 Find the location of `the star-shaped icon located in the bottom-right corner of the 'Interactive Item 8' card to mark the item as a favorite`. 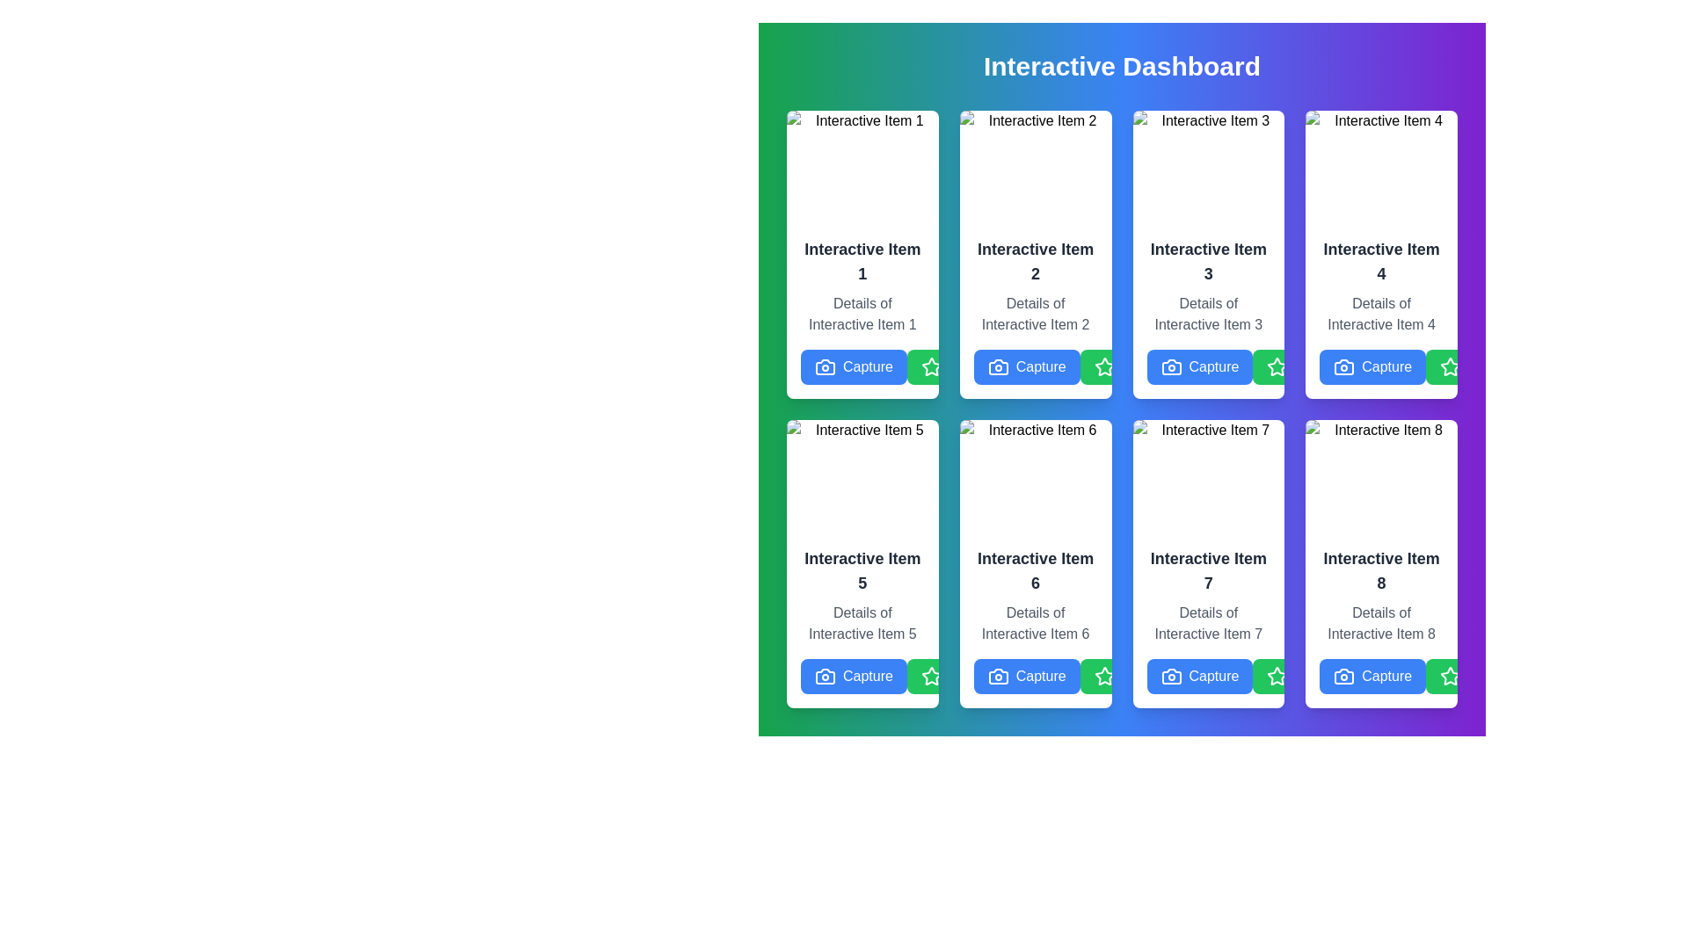

the star-shaped icon located in the bottom-right corner of the 'Interactive Item 8' card to mark the item as a favorite is located at coordinates (1451, 675).